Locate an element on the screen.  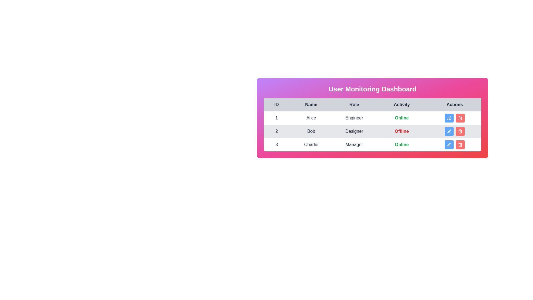
the delete button for the user with ID 1 is located at coordinates (460, 117).